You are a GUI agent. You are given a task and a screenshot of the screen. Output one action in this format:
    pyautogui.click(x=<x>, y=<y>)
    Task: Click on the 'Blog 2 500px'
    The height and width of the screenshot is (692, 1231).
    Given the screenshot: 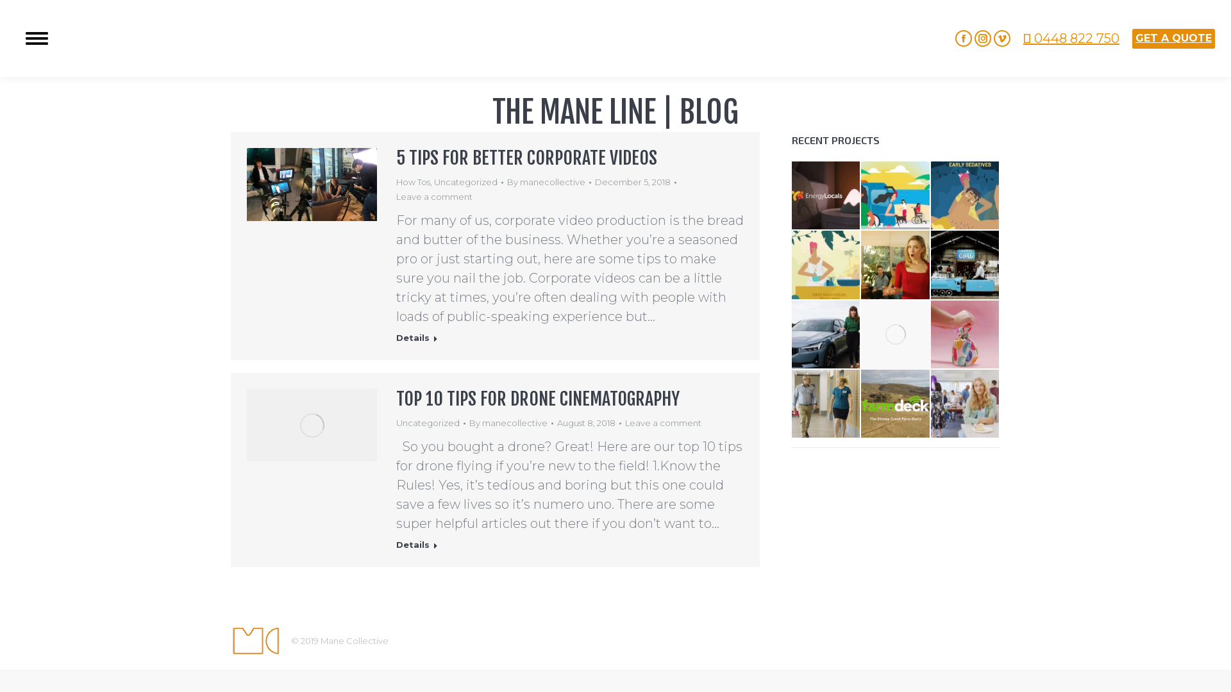 What is the action you would take?
    pyautogui.click(x=312, y=185)
    